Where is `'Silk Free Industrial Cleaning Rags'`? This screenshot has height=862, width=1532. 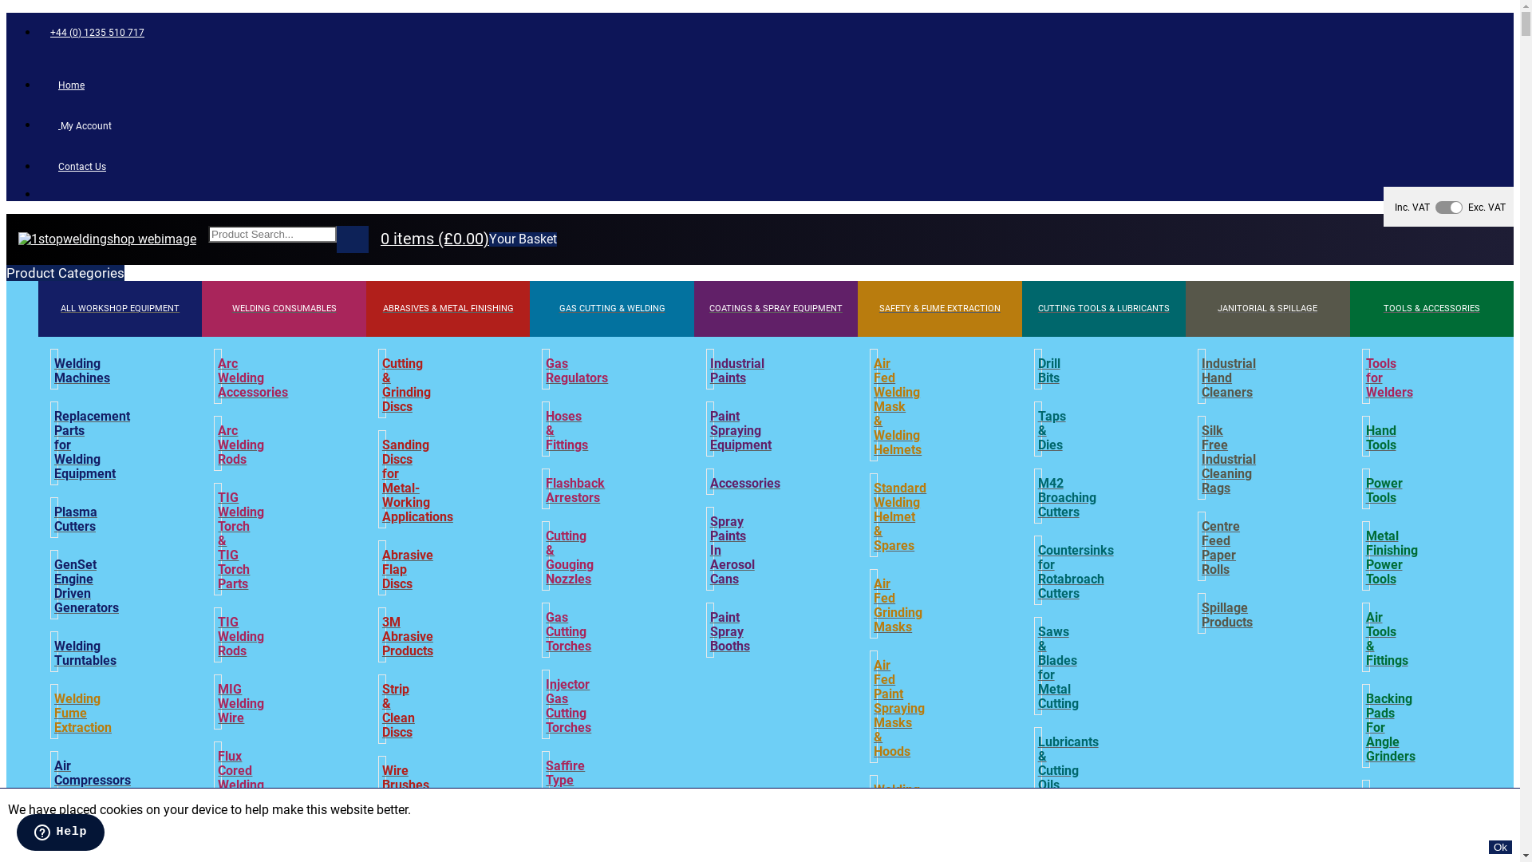
'Silk Free Industrial Cleaning Rags' is located at coordinates (1202, 459).